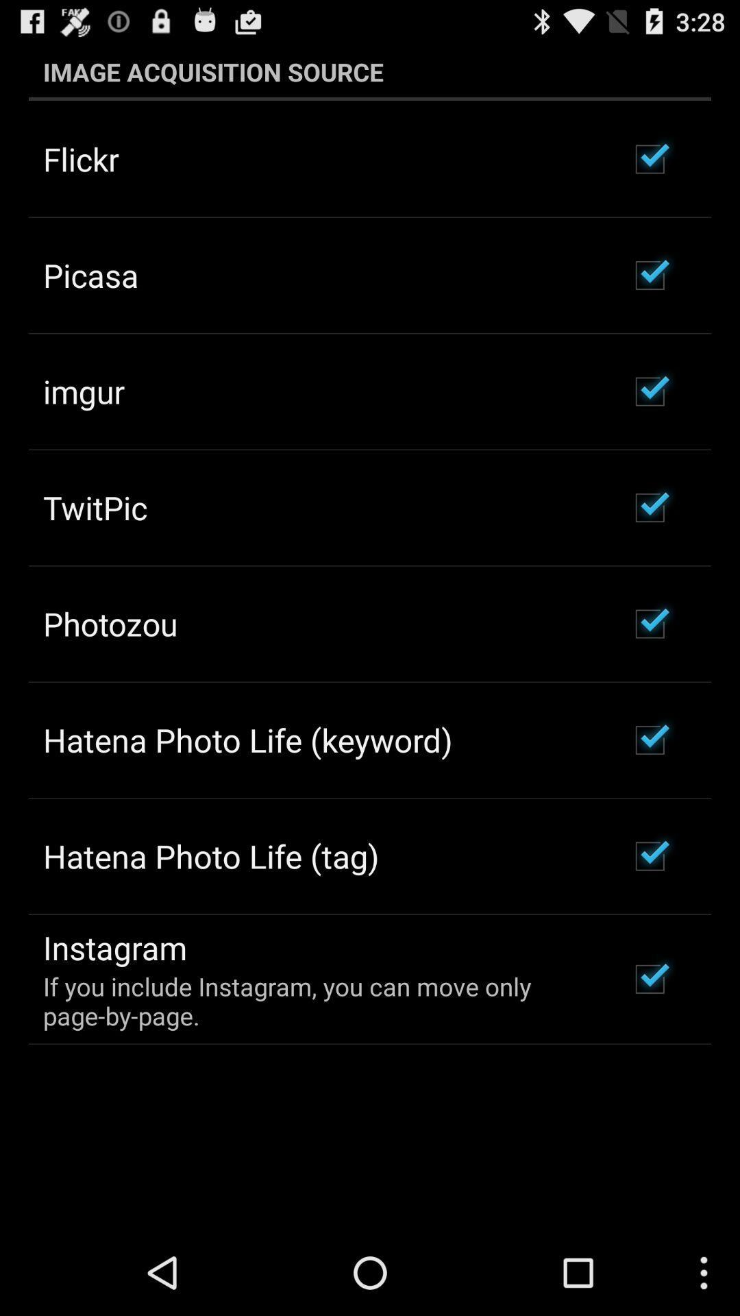 Image resolution: width=740 pixels, height=1316 pixels. Describe the element at coordinates (84, 391) in the screenshot. I see `imgur` at that location.